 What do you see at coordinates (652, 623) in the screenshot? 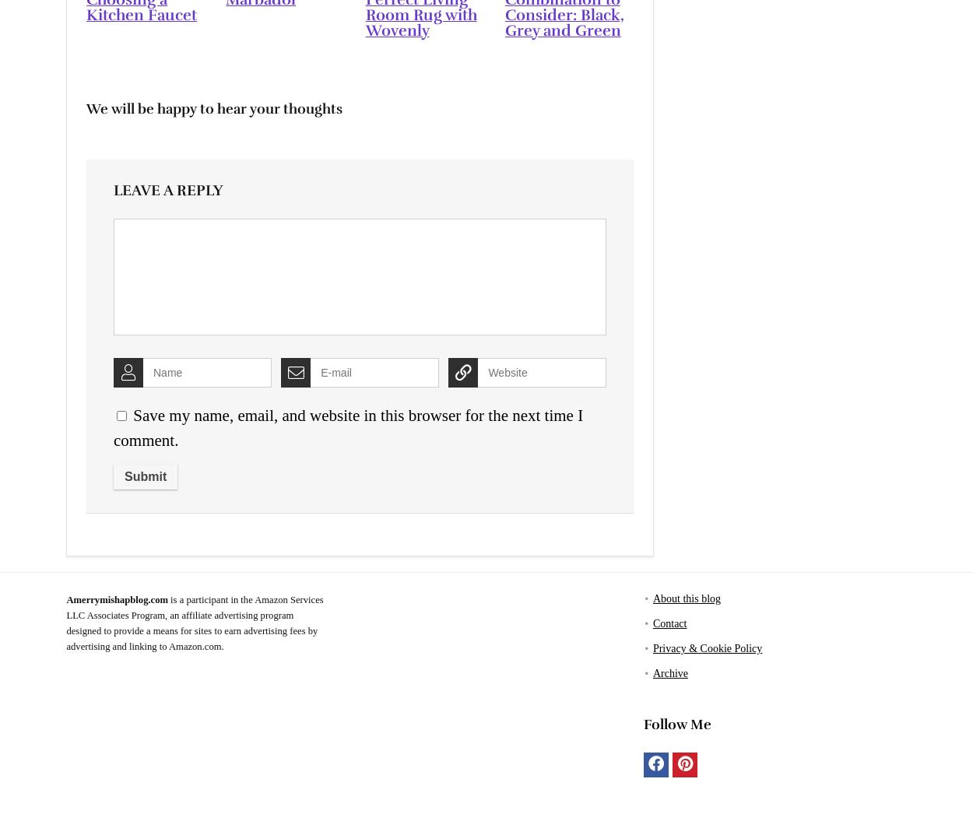
I see `'Contact'` at bounding box center [652, 623].